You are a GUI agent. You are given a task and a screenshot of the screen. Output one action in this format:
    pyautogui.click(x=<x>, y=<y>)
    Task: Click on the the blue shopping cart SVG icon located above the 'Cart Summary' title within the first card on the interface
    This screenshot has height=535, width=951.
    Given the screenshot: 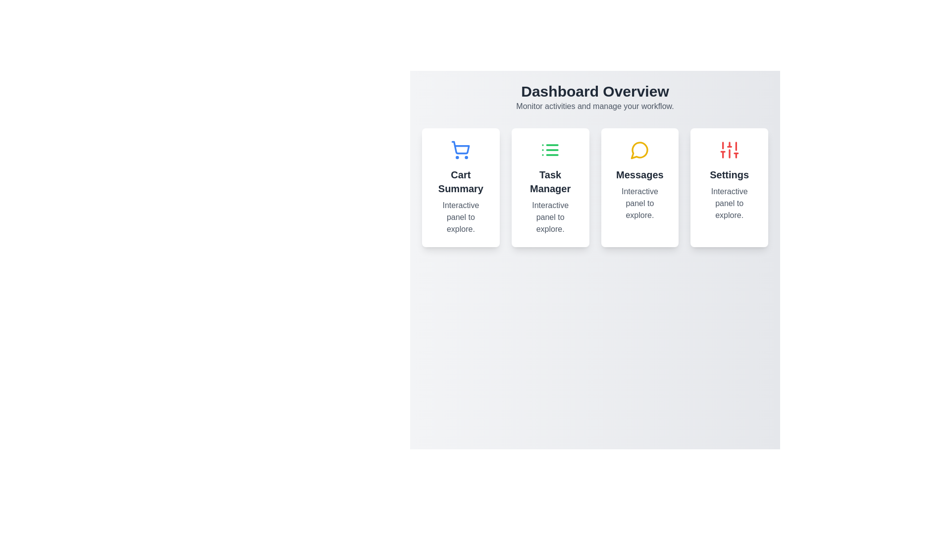 What is the action you would take?
    pyautogui.click(x=460, y=150)
    